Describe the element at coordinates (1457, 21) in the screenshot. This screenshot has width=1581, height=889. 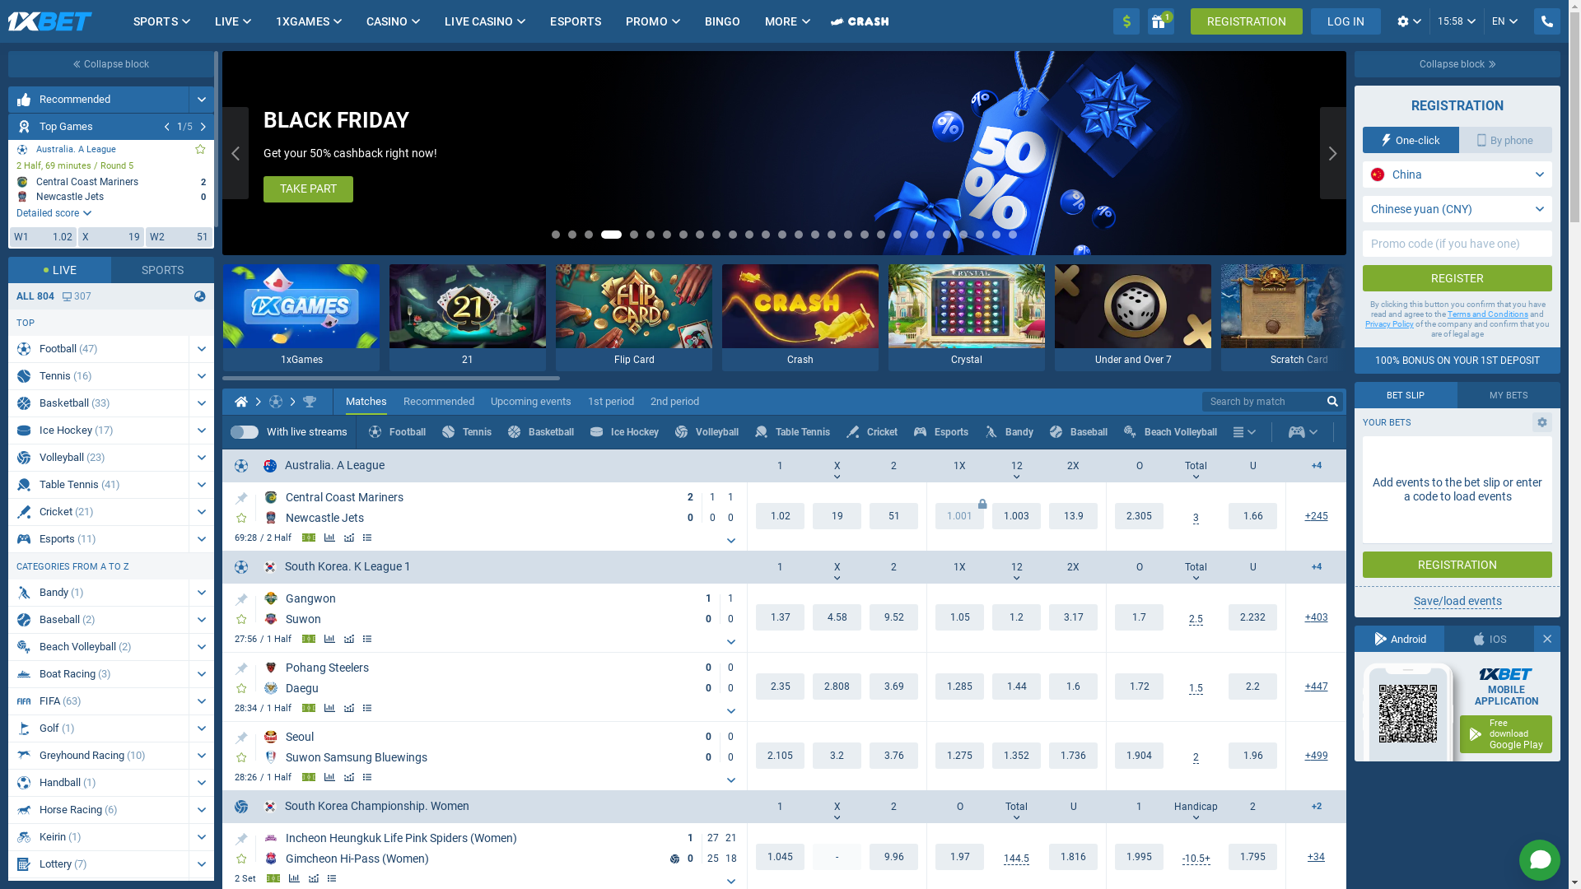
I see `'15:58'` at that location.